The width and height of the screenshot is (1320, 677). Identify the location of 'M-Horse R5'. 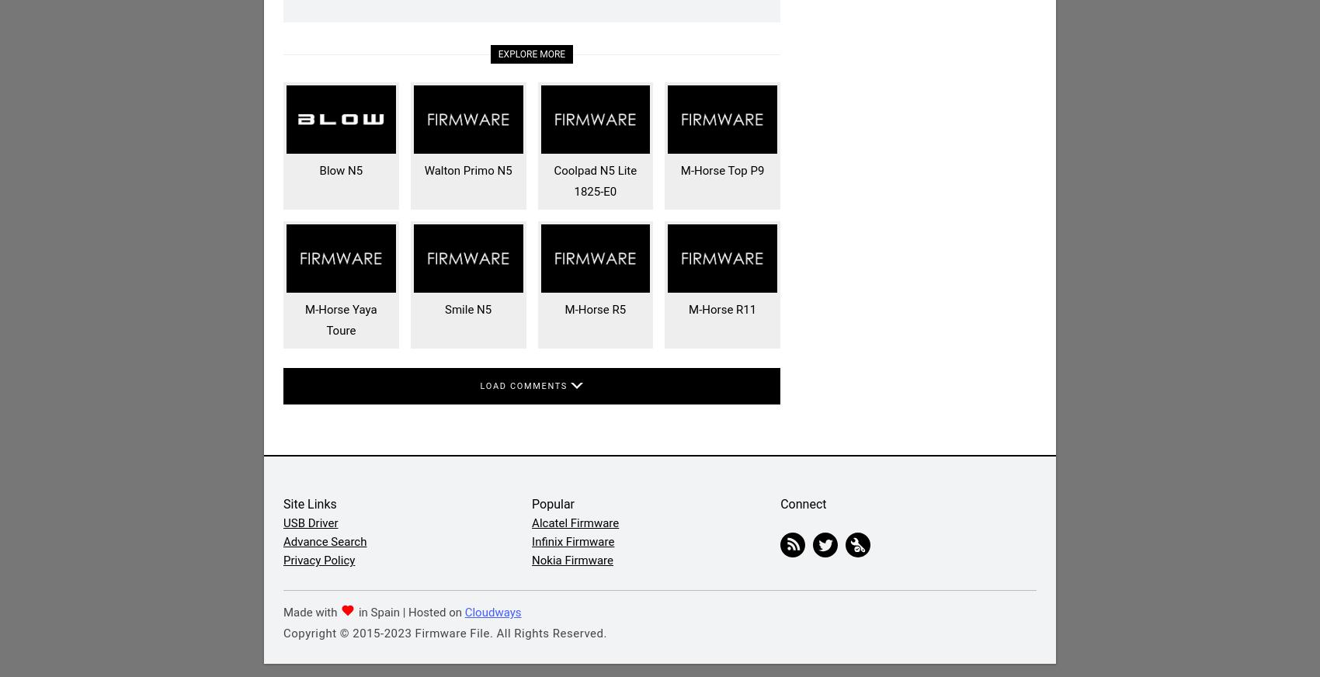
(594, 310).